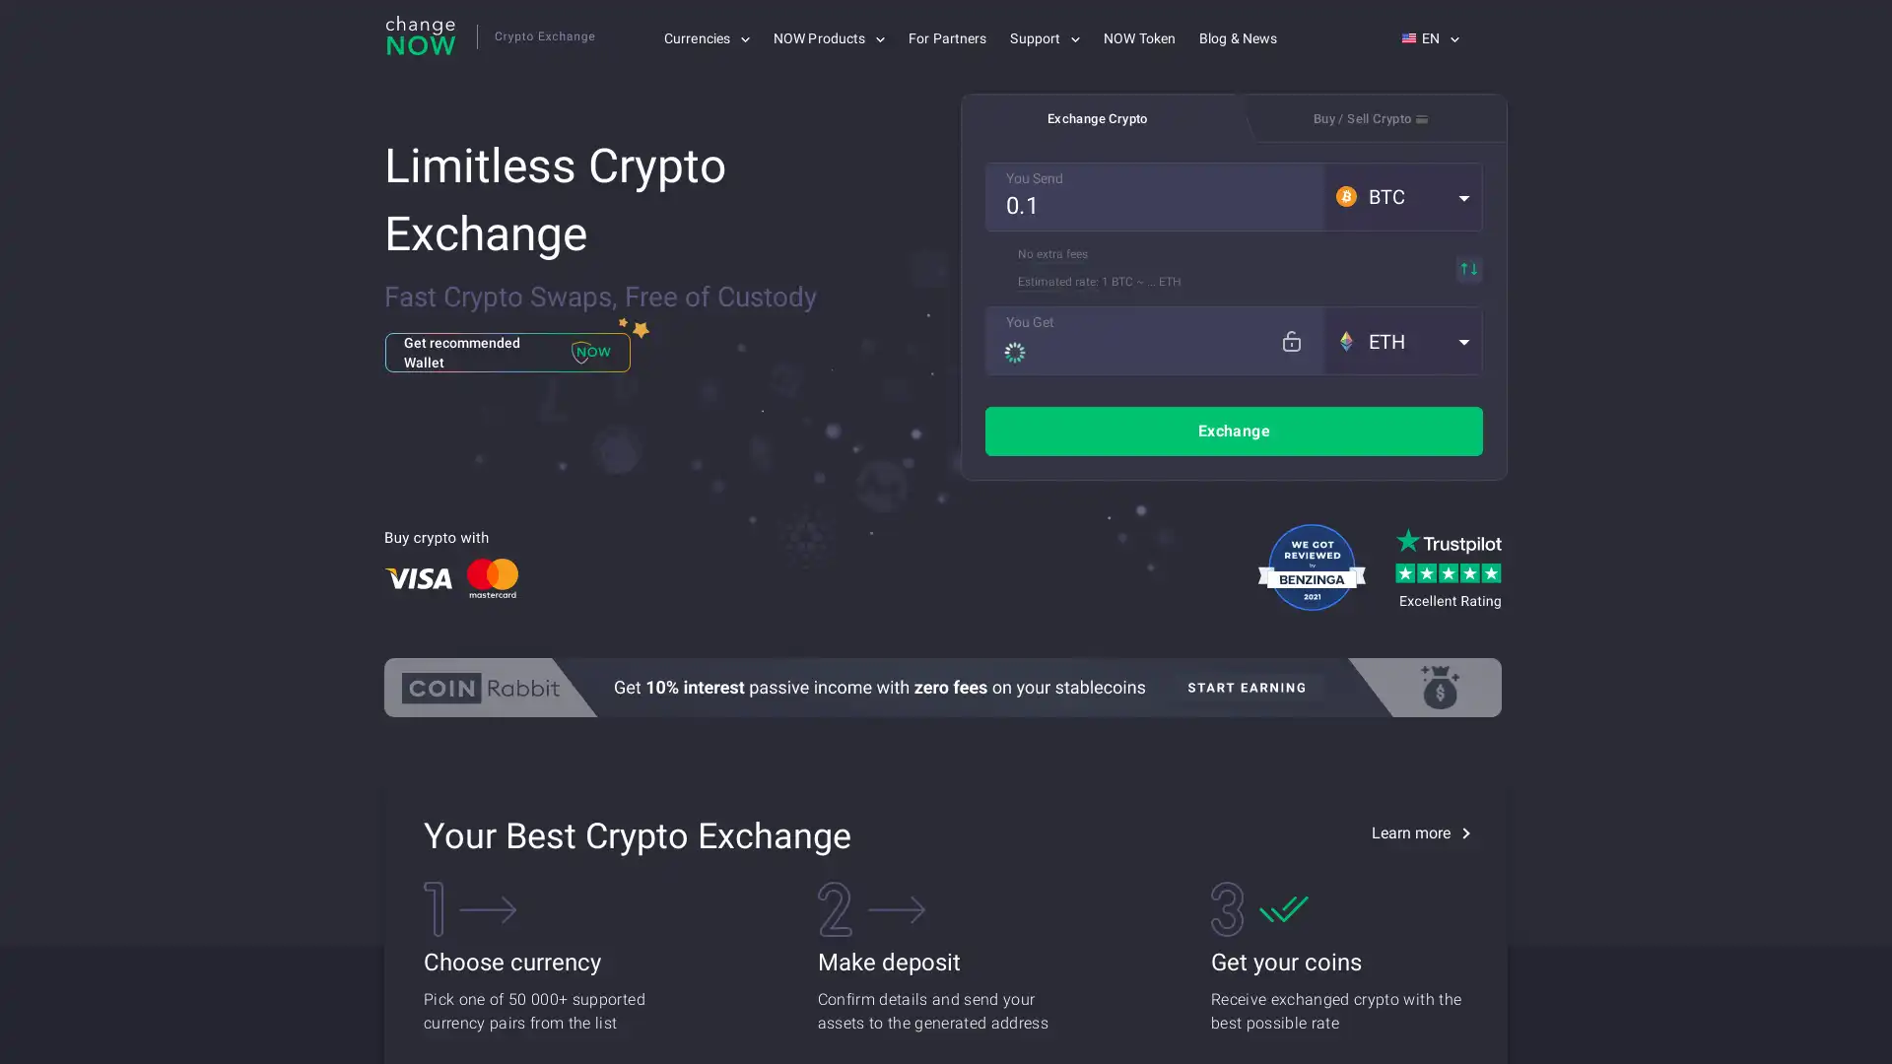 This screenshot has width=1892, height=1064. I want to click on icon-eth ETH, so click(1402, 340).